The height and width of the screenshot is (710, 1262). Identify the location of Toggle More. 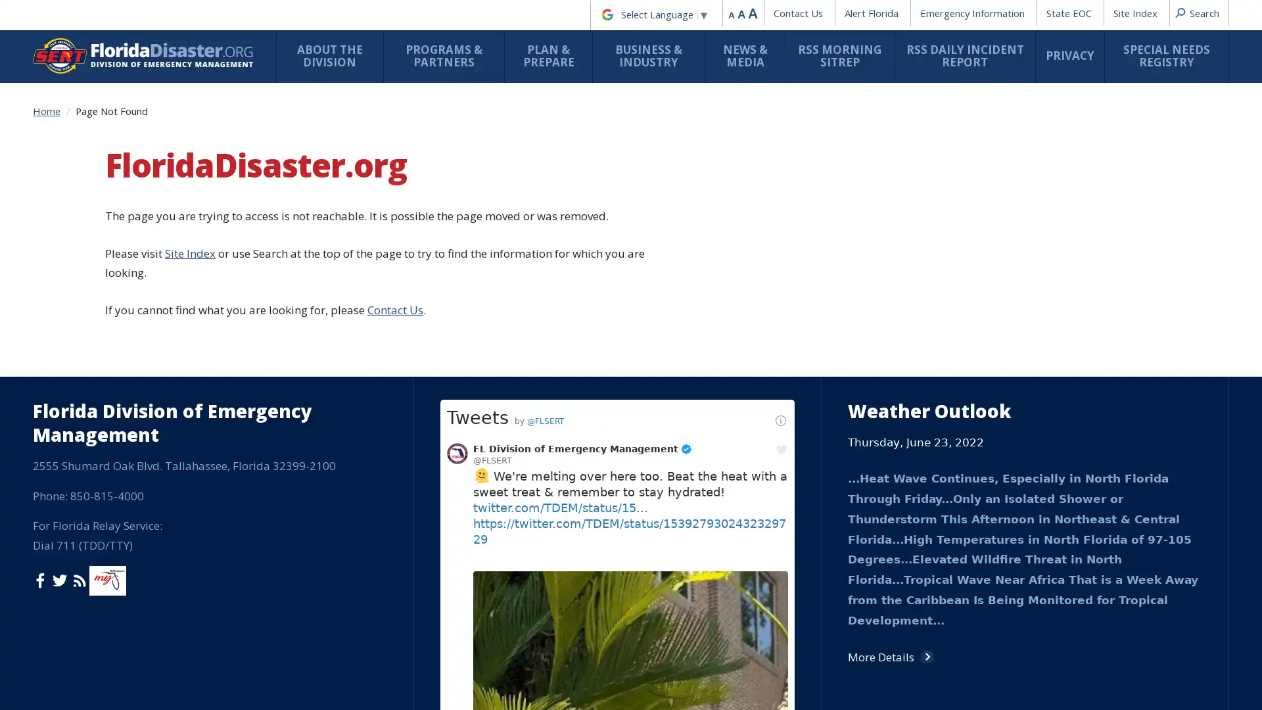
(394, 152).